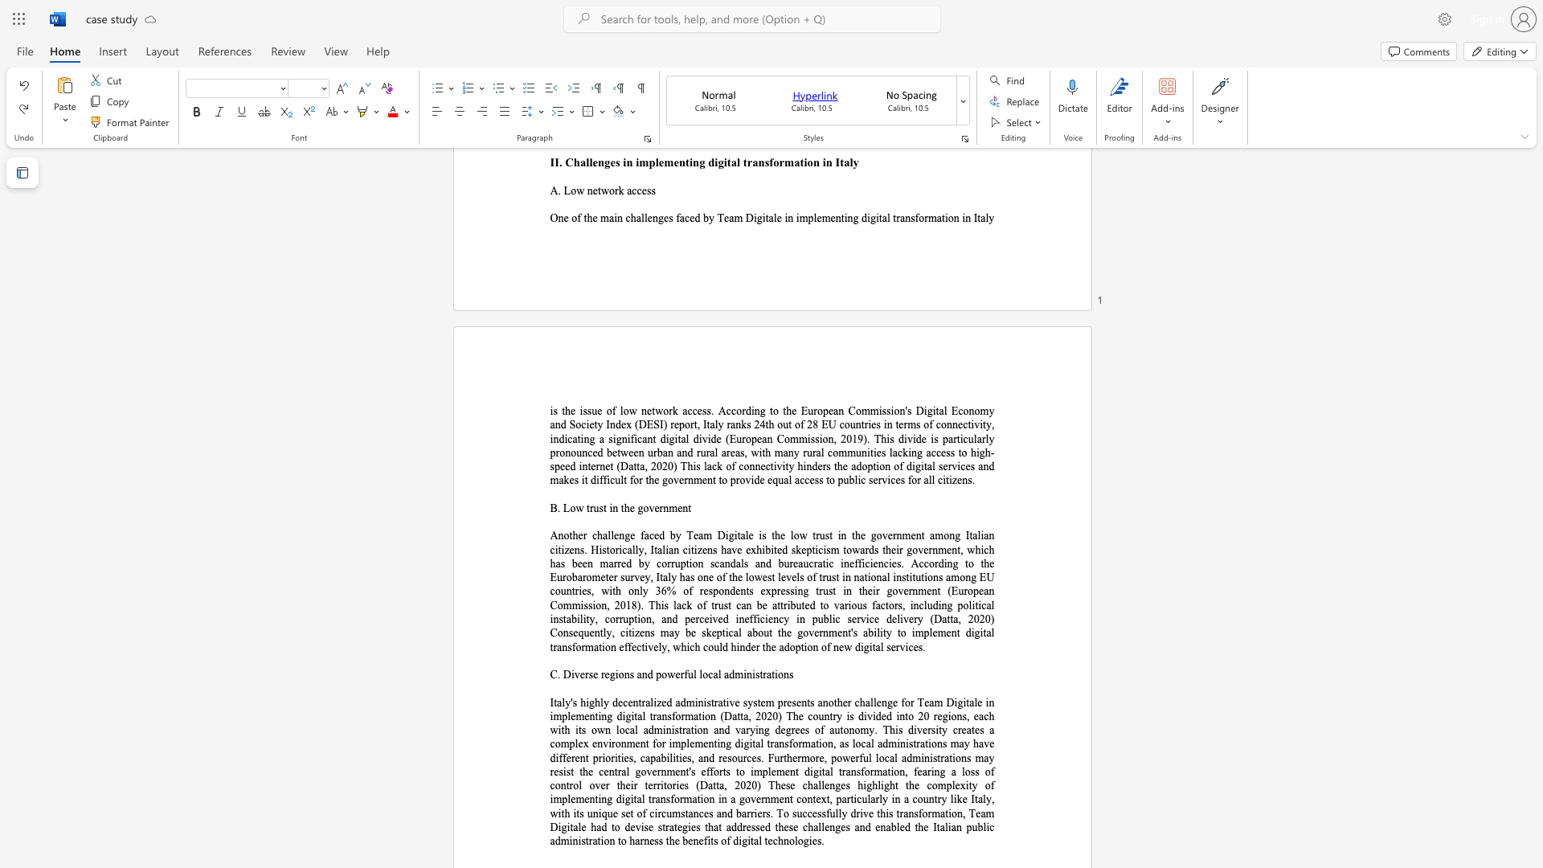 The width and height of the screenshot is (1543, 868). What do you see at coordinates (587, 605) in the screenshot?
I see `the subset text "sion, 2018). This" within the text "Another challenge faced by Team Digitale is the low trust in the government among Italian citizens. Historically, Italian citizens have exhibited skepticism towards their government, which has been marred by corruption scandals and bureaucratic inefficiencies. According to the Eurobarometer survey, Italy has one of the lowest levels of trust in national institutions among EU countries, with only 36% of respondents expressing trust in their government (European Commission, 2018). This lack of trust can be at"` at bounding box center [587, 605].